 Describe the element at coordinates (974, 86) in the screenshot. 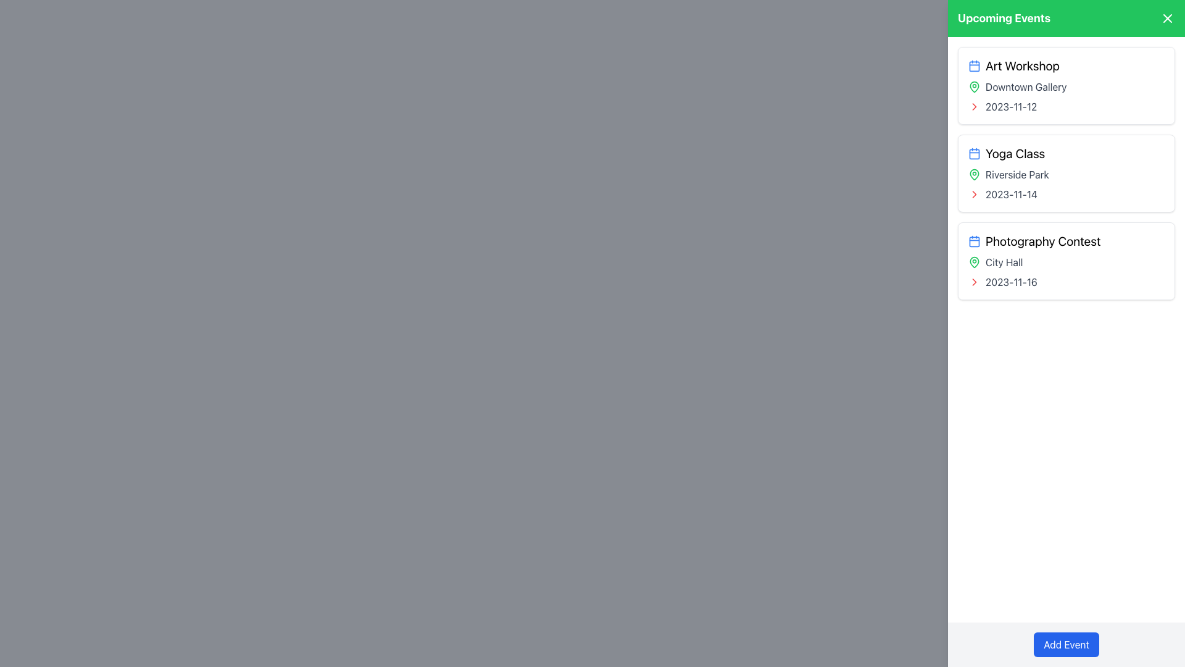

I see `the location marker icon representing 'Downtown Gallery' in the first card of the 'Upcoming Events' sidebar` at that location.